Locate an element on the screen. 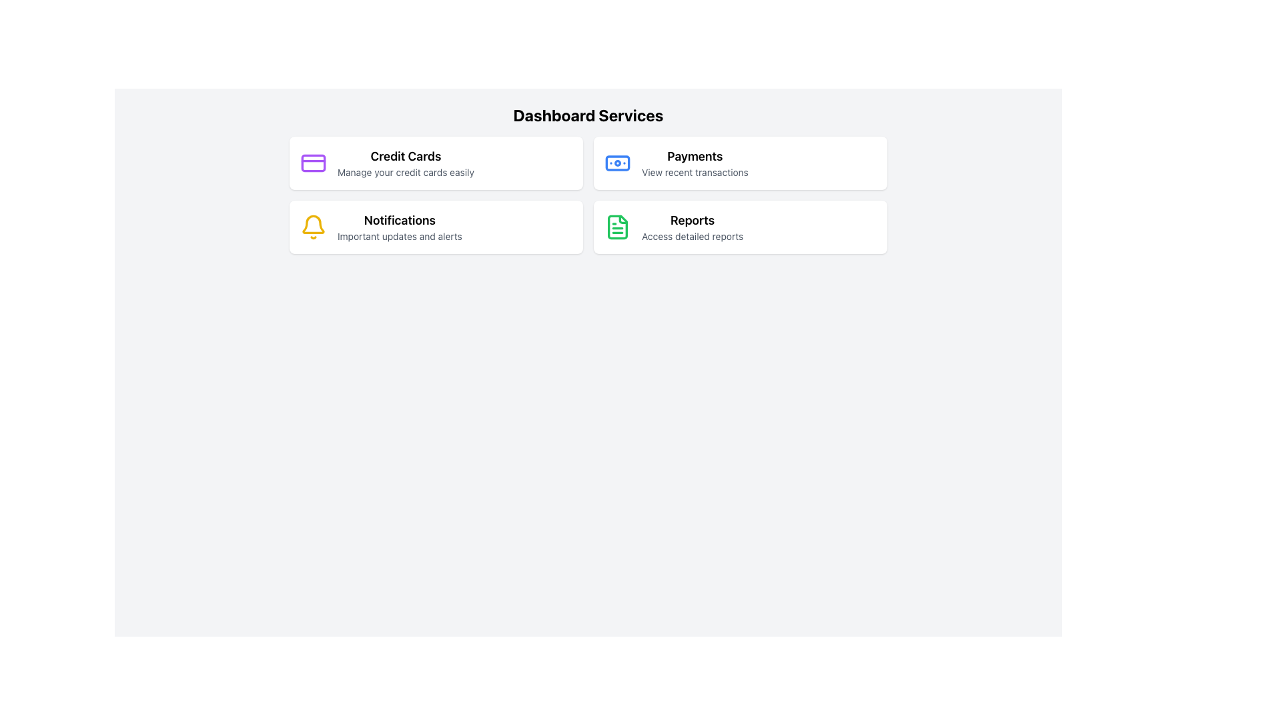  the green file document icon with horizontal lines resembling text, located in the bottom-right card of the 'Dashboard Services' panel is located at coordinates (617, 226).